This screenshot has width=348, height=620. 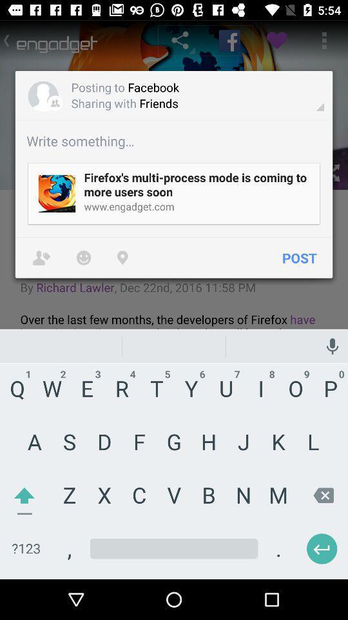 I want to click on tap the facebook icon, so click(x=229, y=41).